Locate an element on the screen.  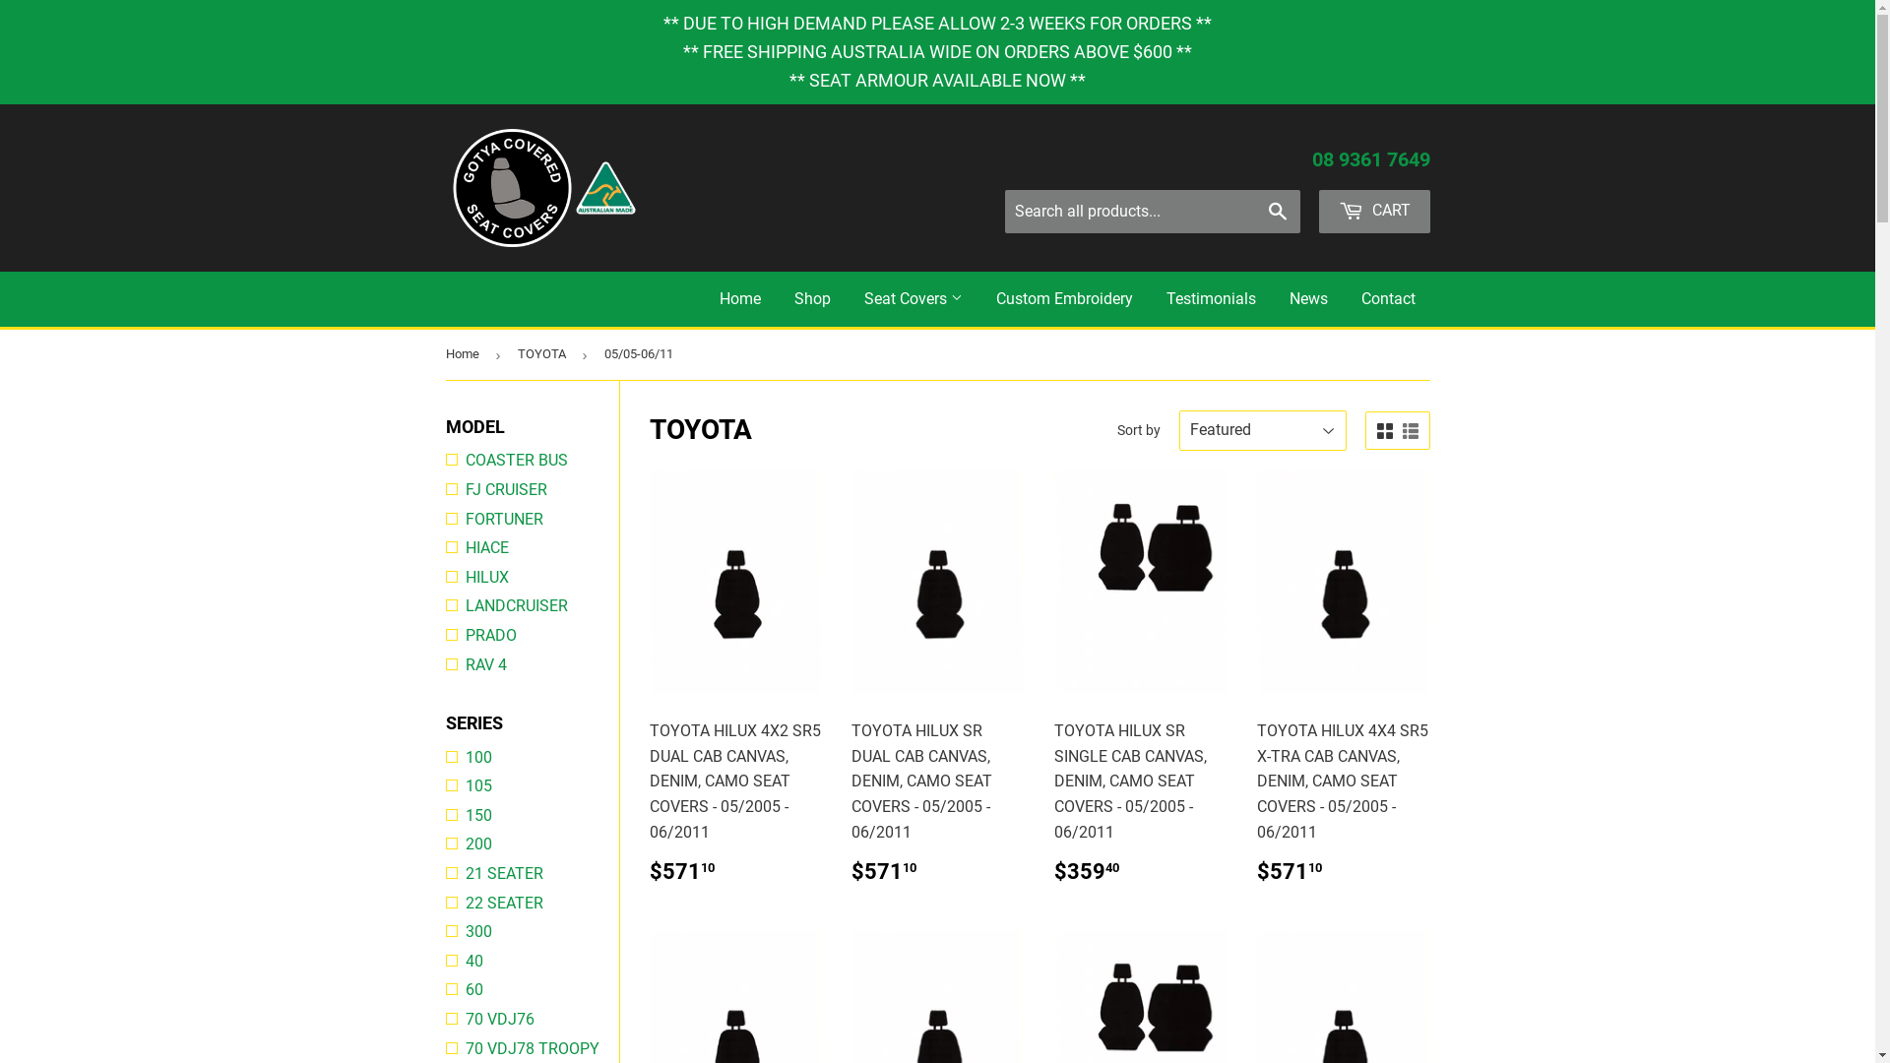
'21 SEATER' is located at coordinates (531, 872).